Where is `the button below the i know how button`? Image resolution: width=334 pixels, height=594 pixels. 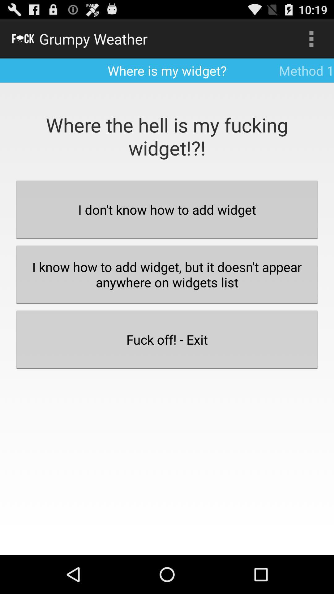
the button below the i know how button is located at coordinates (167, 339).